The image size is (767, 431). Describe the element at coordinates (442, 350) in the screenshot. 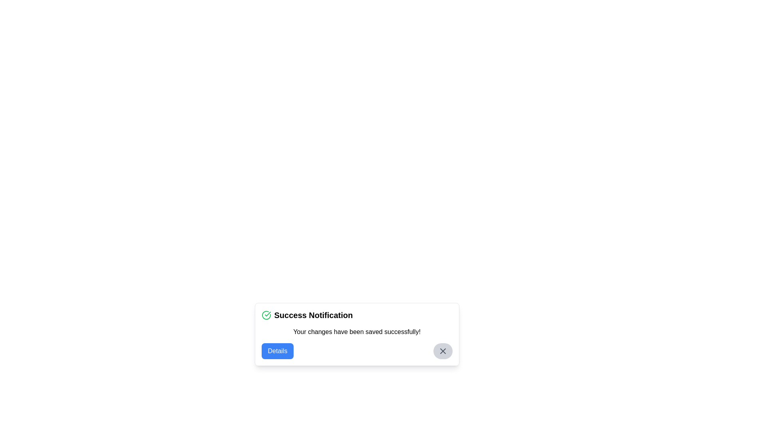

I see `the close button located in the top-right corner of the notification pop-up` at that location.